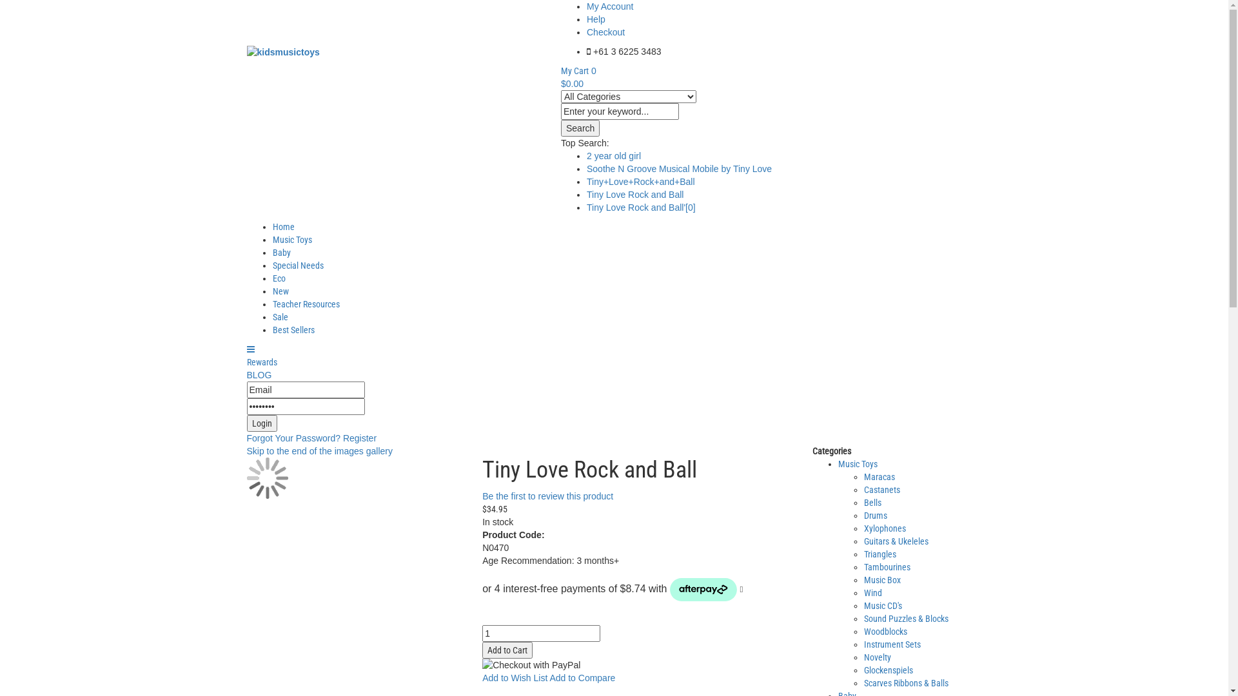 The height and width of the screenshot is (696, 1238). What do you see at coordinates (887, 566) in the screenshot?
I see `'Tambourines'` at bounding box center [887, 566].